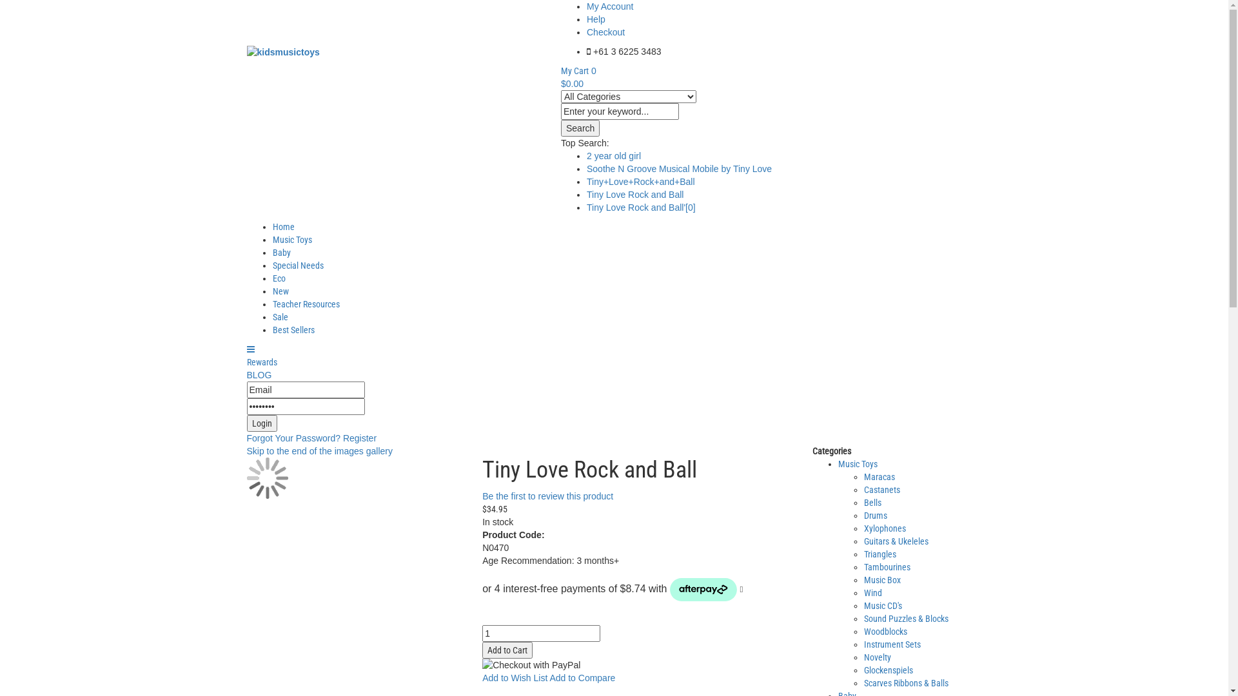 The height and width of the screenshot is (696, 1238). What do you see at coordinates (887, 566) in the screenshot?
I see `'Tambourines'` at bounding box center [887, 566].